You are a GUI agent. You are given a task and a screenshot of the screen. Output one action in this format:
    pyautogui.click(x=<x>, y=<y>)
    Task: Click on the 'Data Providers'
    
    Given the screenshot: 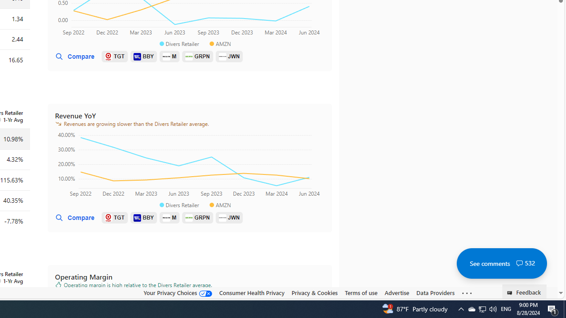 What is the action you would take?
    pyautogui.click(x=435, y=293)
    